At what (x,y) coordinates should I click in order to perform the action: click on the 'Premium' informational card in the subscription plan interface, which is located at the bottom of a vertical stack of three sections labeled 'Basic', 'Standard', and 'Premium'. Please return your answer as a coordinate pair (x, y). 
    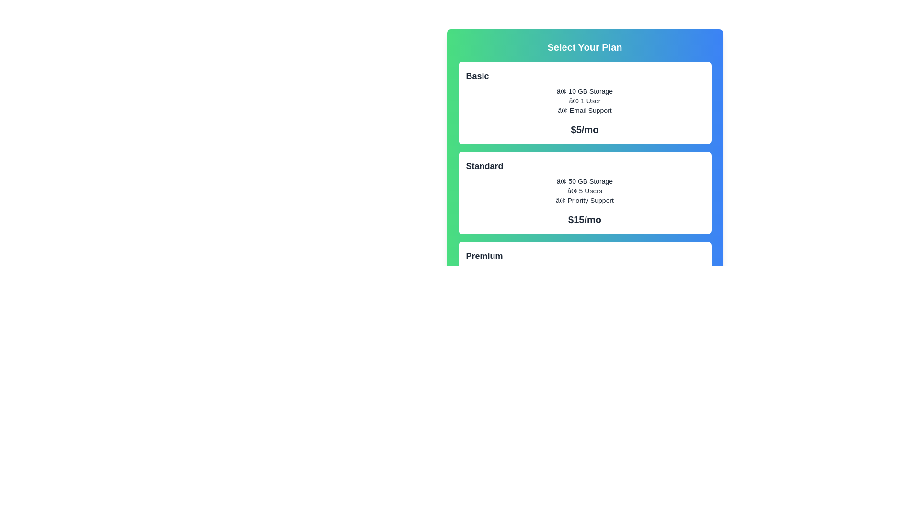
    Looking at the image, I should click on (584, 282).